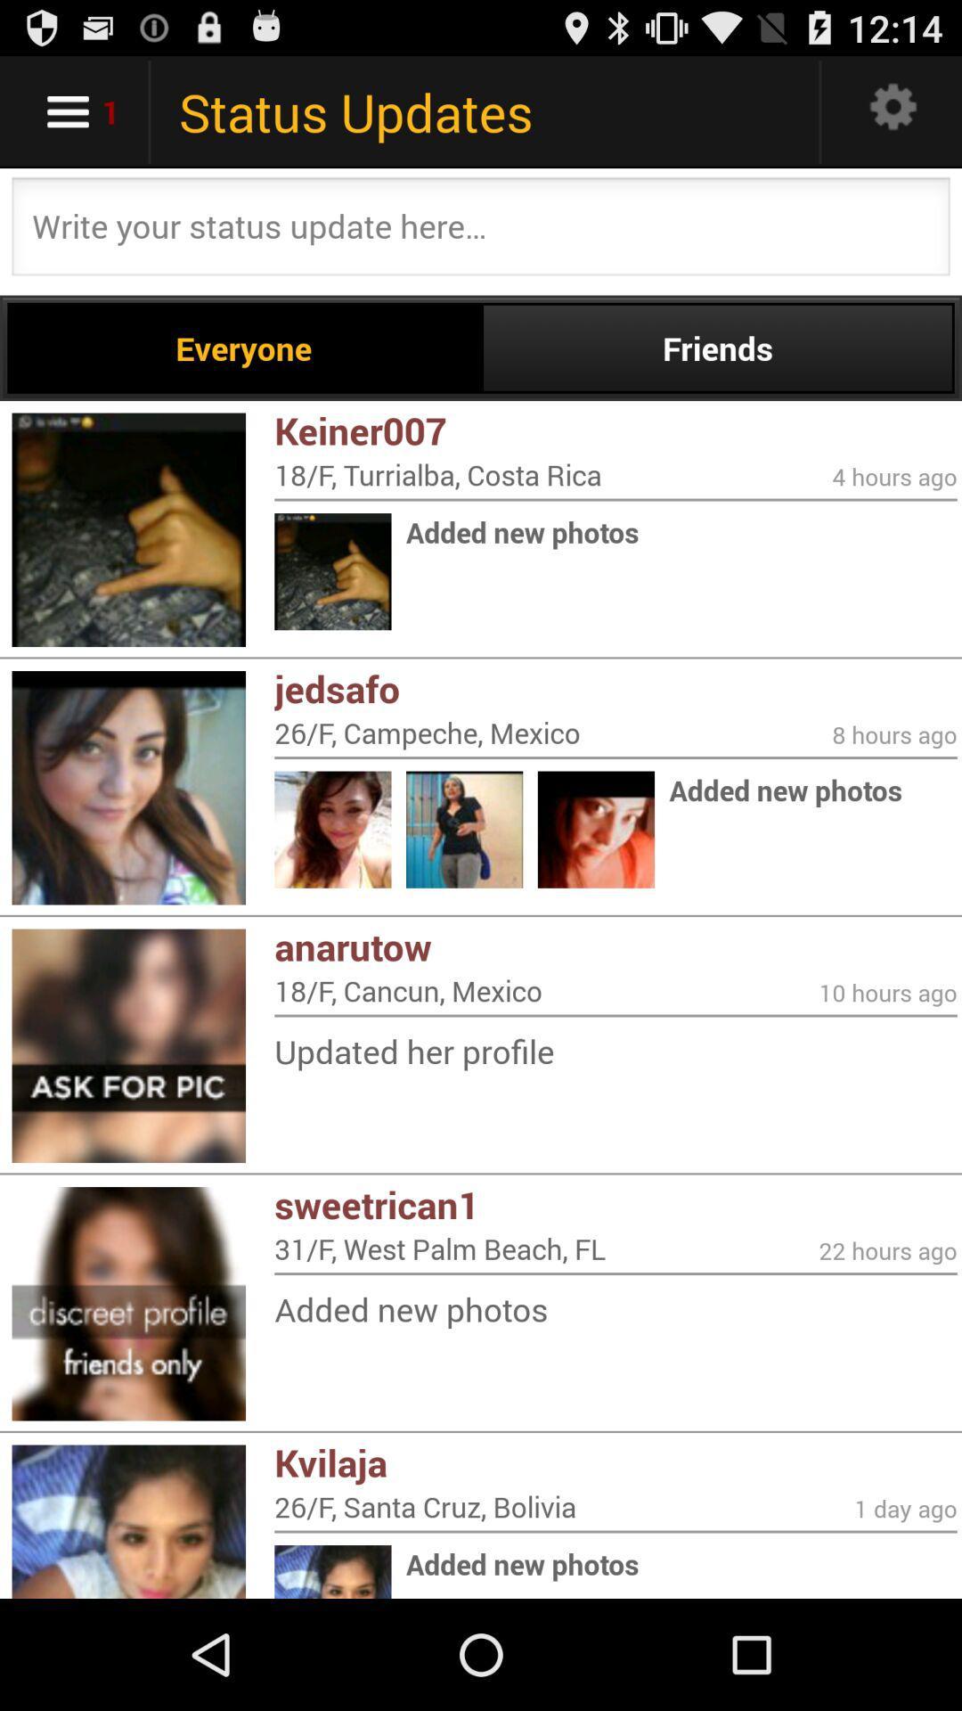 The width and height of the screenshot is (962, 1711). I want to click on updated her profile item, so click(615, 1051).